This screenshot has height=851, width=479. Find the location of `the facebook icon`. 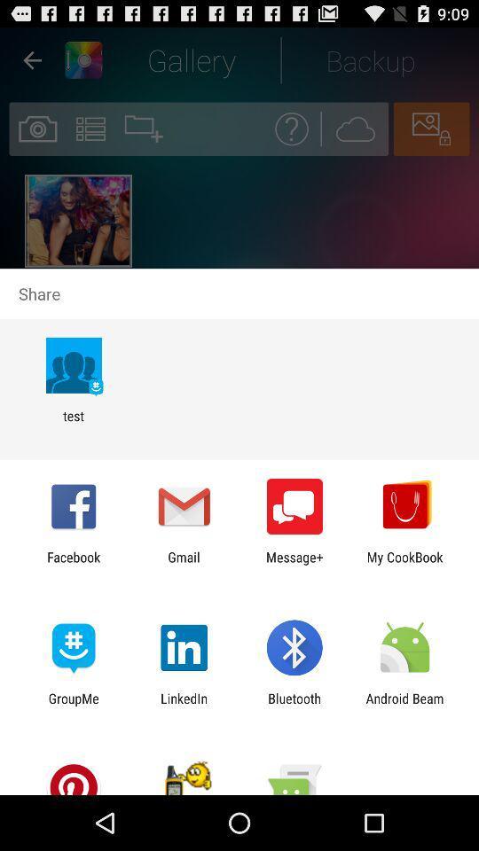

the facebook icon is located at coordinates (73, 564).